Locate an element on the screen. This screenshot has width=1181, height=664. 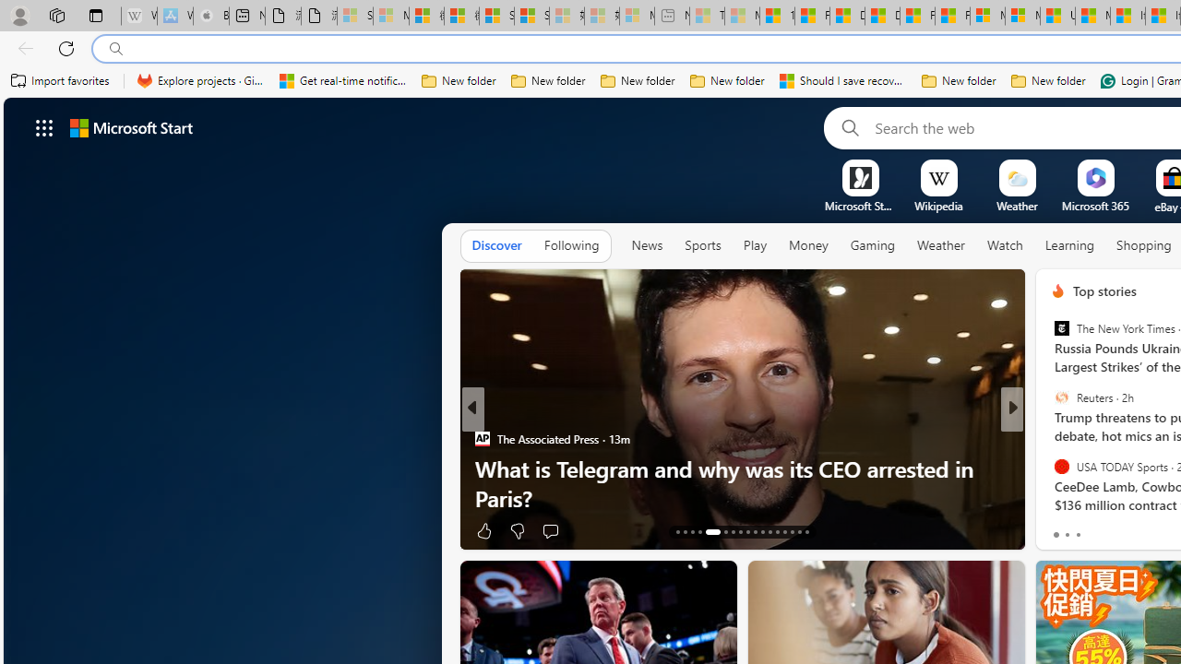
'AutomationID: tab-25' is located at coordinates (777, 532).